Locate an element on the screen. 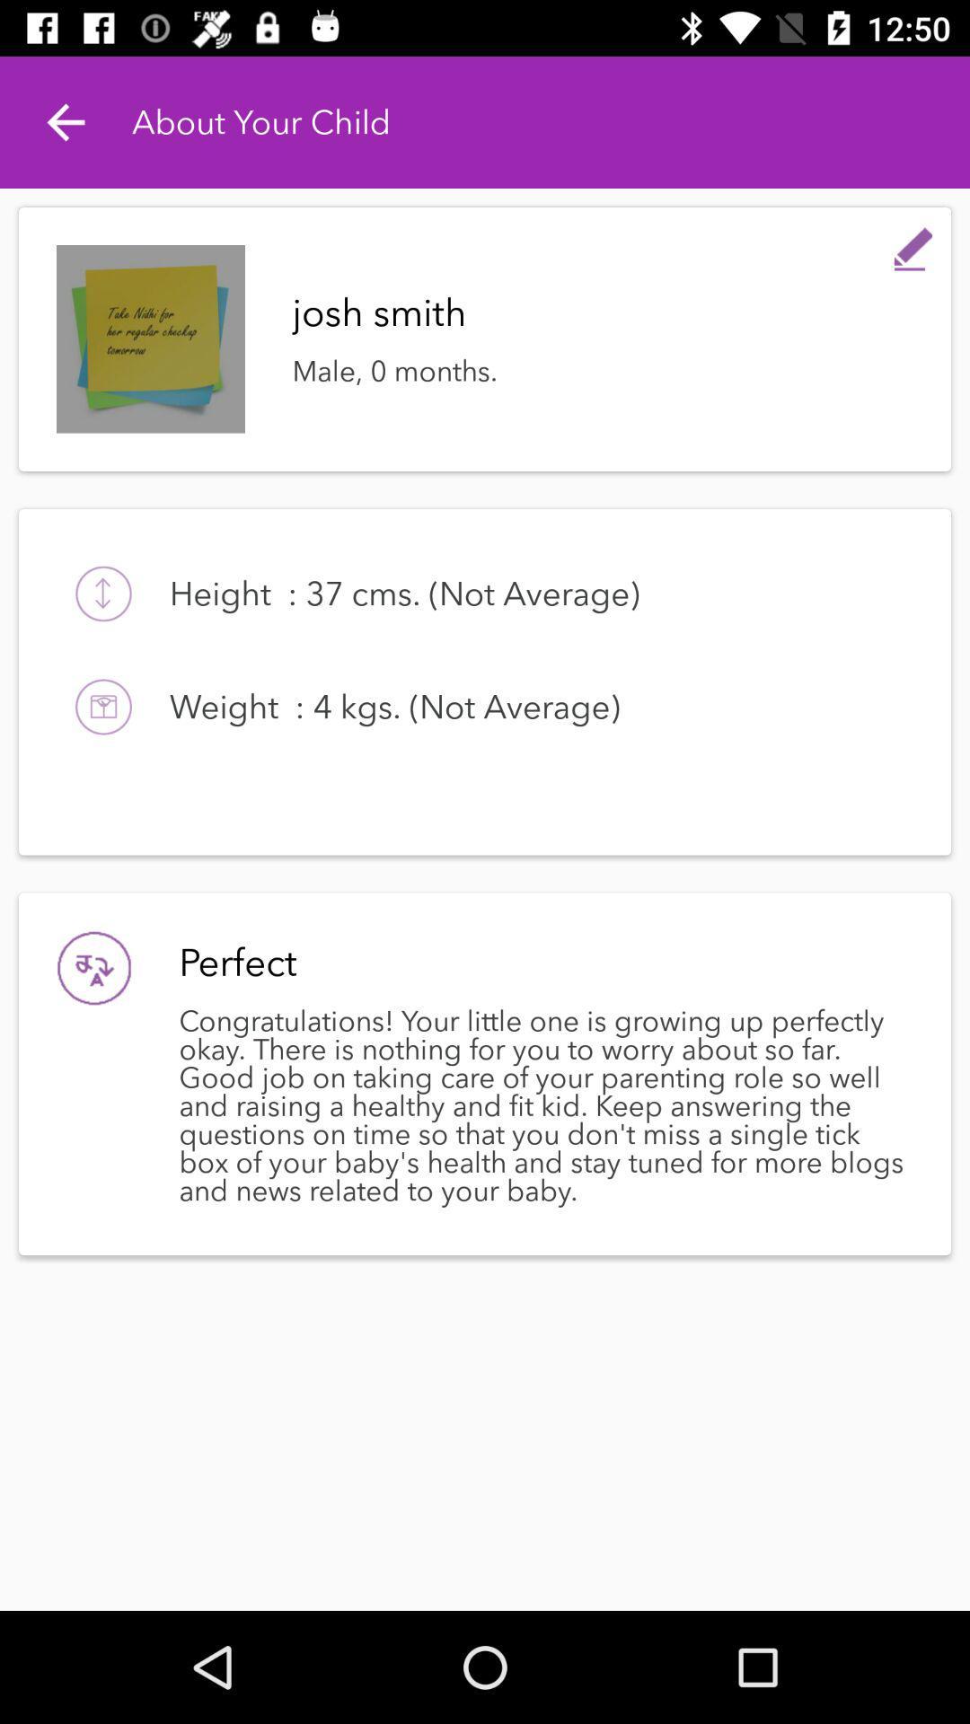 Image resolution: width=970 pixels, height=1724 pixels. edit is located at coordinates (913, 244).